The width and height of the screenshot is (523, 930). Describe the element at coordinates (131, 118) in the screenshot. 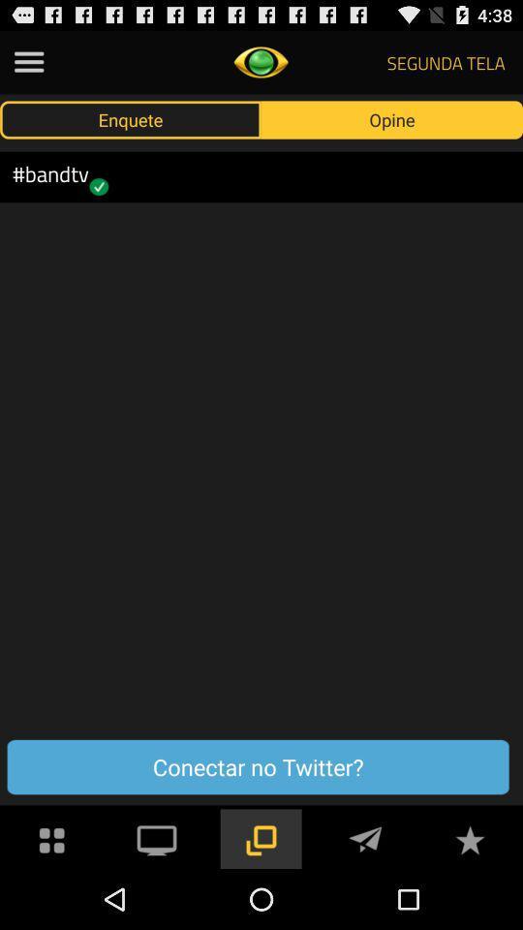

I see `icon next to the opine` at that location.